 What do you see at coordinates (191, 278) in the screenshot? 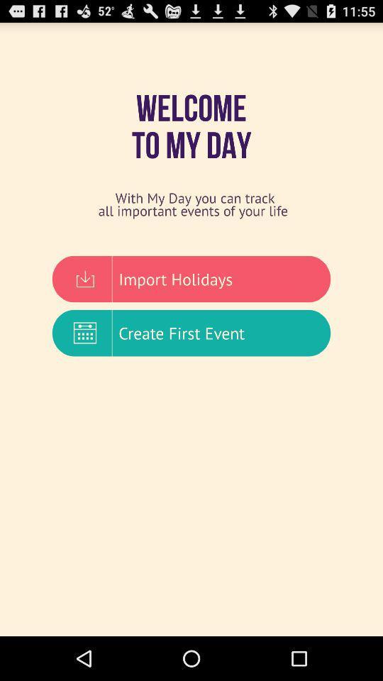
I see `the import holidays item` at bounding box center [191, 278].